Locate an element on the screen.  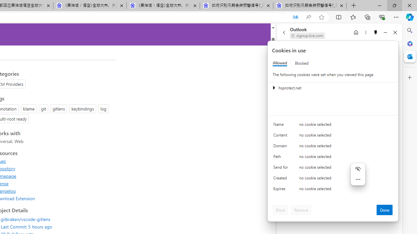
'Created' is located at coordinates (282, 179).